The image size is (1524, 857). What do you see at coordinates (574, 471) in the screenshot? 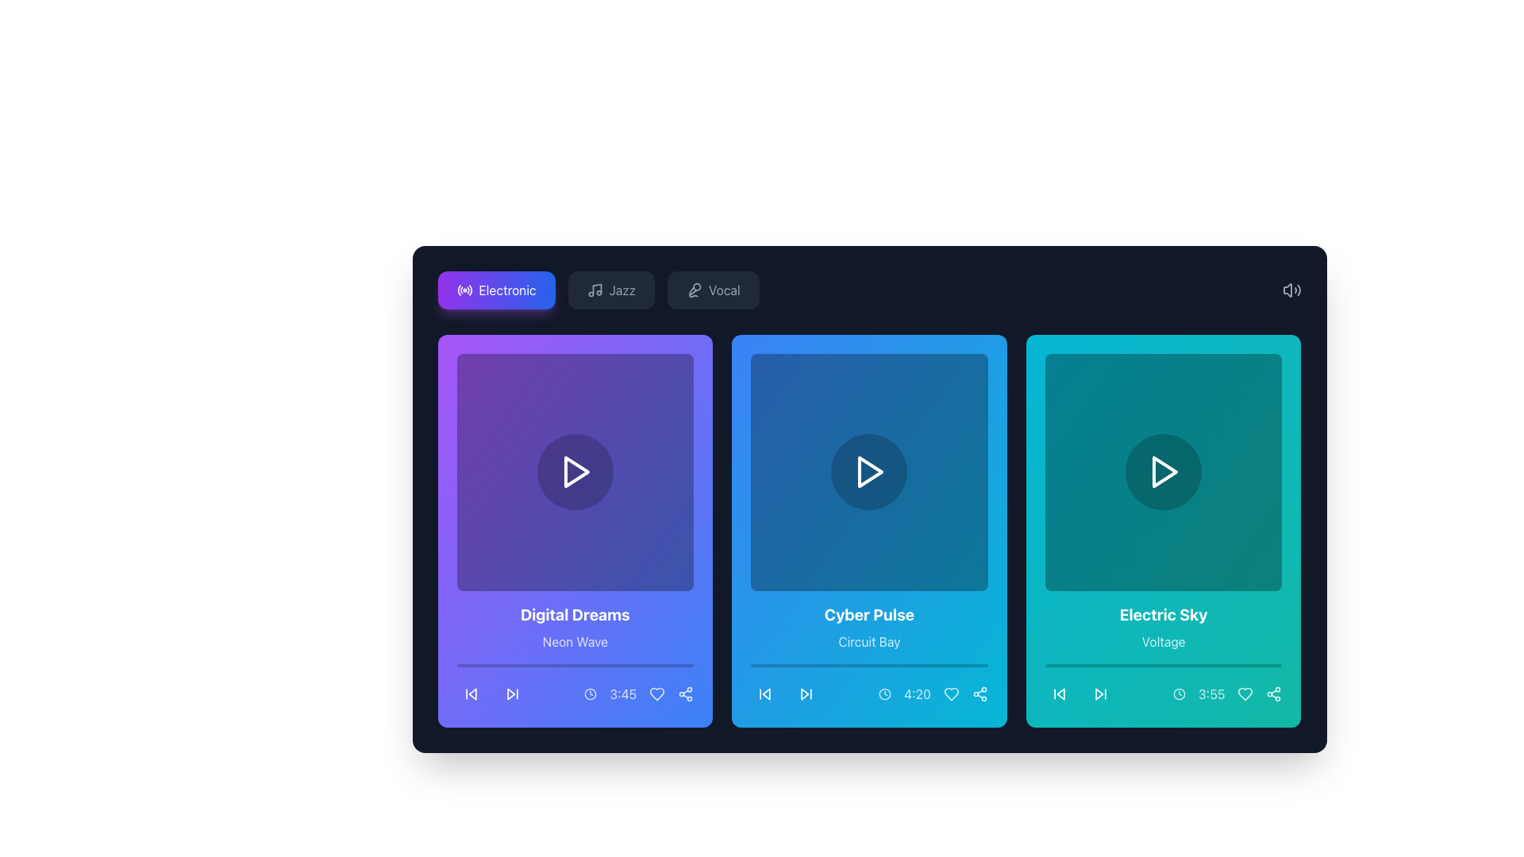
I see `the triangular play button icon outlined in white, located centrally within a circle on the purple card labeled 'Digital Dreams'` at bounding box center [574, 471].